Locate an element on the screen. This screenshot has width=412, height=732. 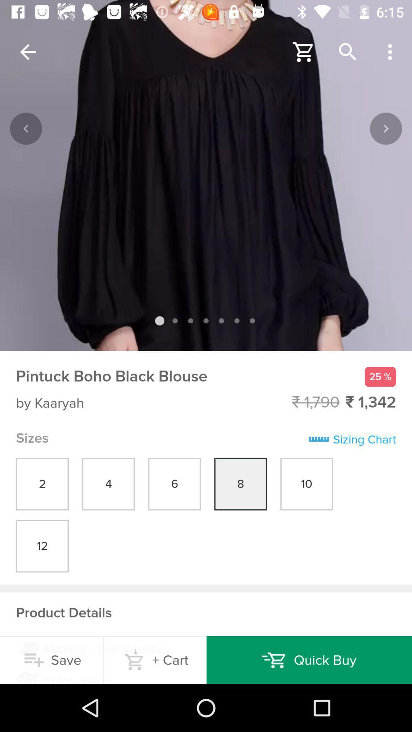
the backward button from the left is located at coordinates (26, 128).